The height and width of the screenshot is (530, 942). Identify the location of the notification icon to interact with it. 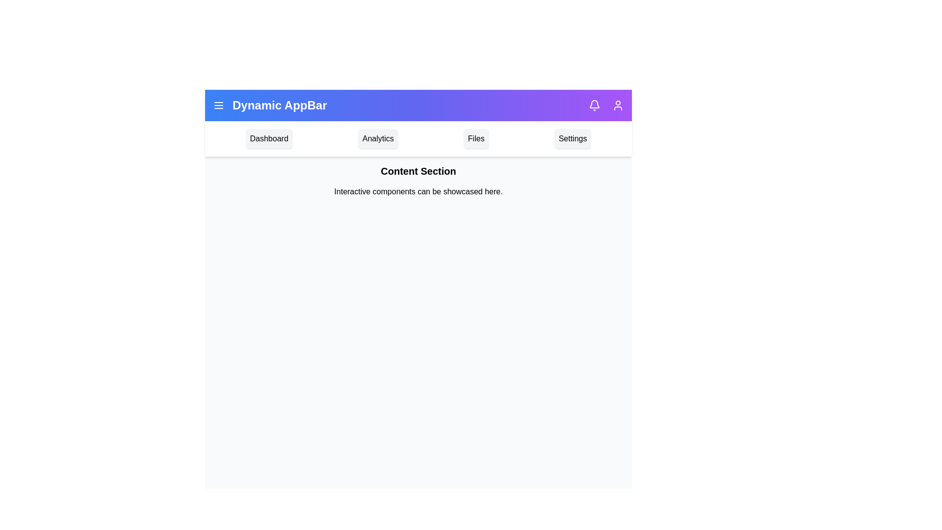
(594, 106).